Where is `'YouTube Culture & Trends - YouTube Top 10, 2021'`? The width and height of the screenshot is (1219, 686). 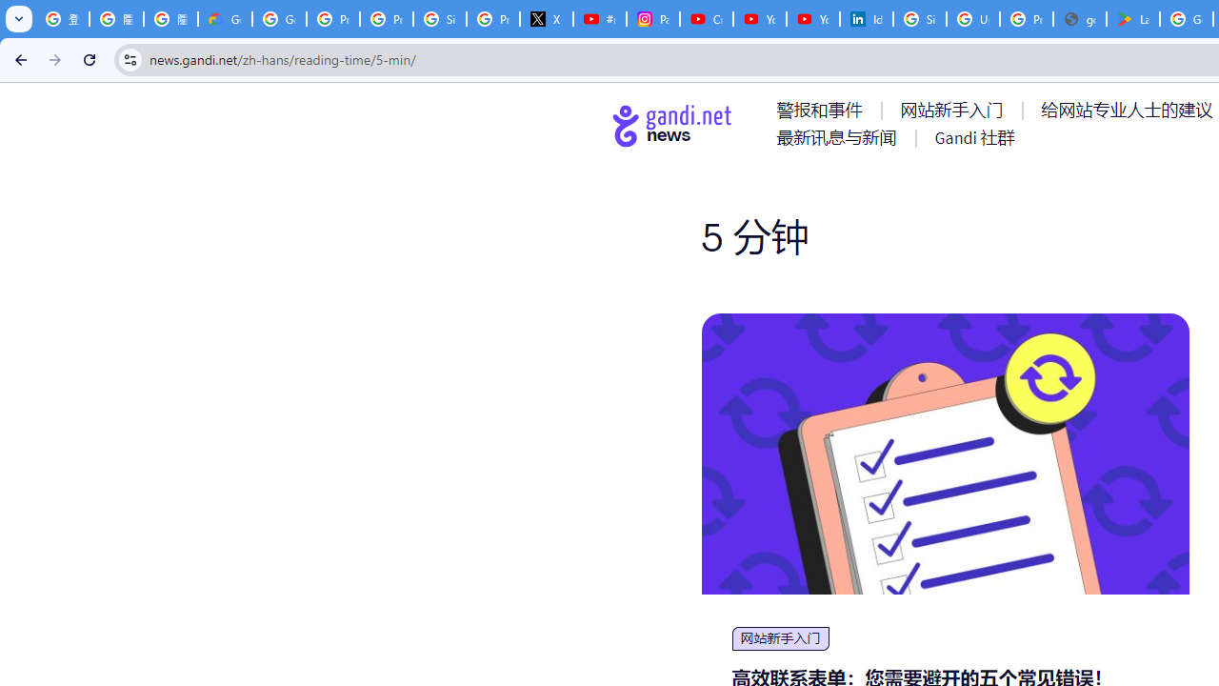 'YouTube Culture & Trends - YouTube Top 10, 2021' is located at coordinates (812, 19).